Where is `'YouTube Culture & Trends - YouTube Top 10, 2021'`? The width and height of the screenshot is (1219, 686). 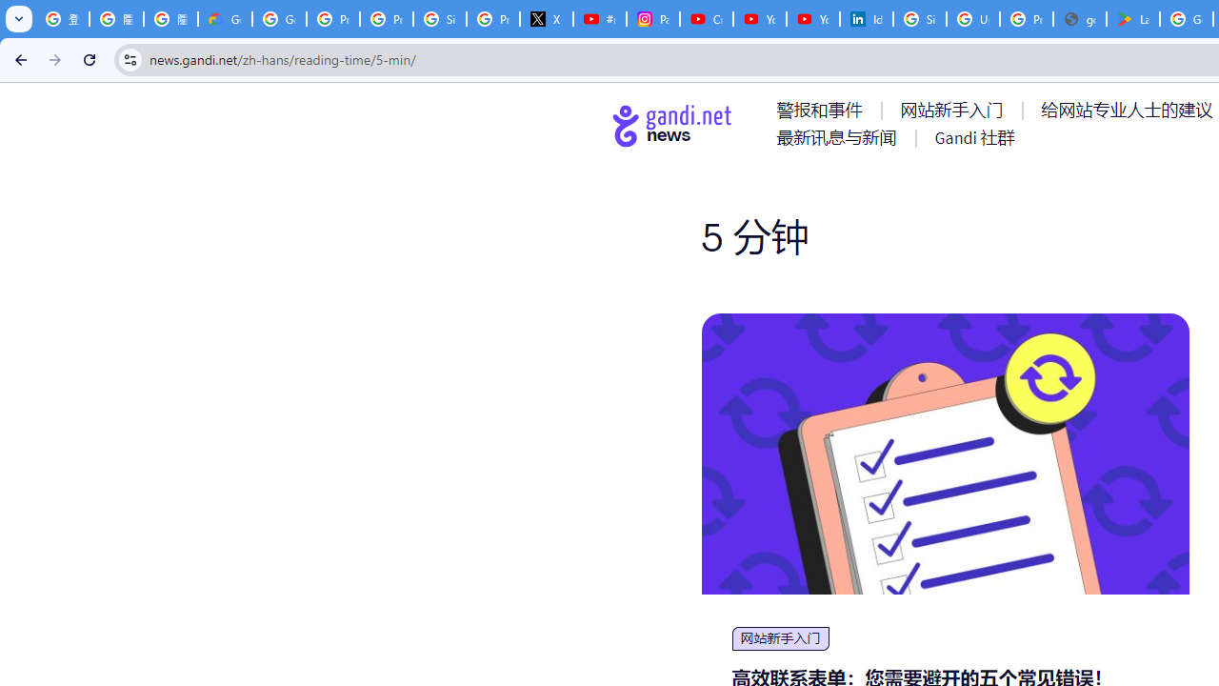 'YouTube Culture & Trends - YouTube Top 10, 2021' is located at coordinates (812, 19).